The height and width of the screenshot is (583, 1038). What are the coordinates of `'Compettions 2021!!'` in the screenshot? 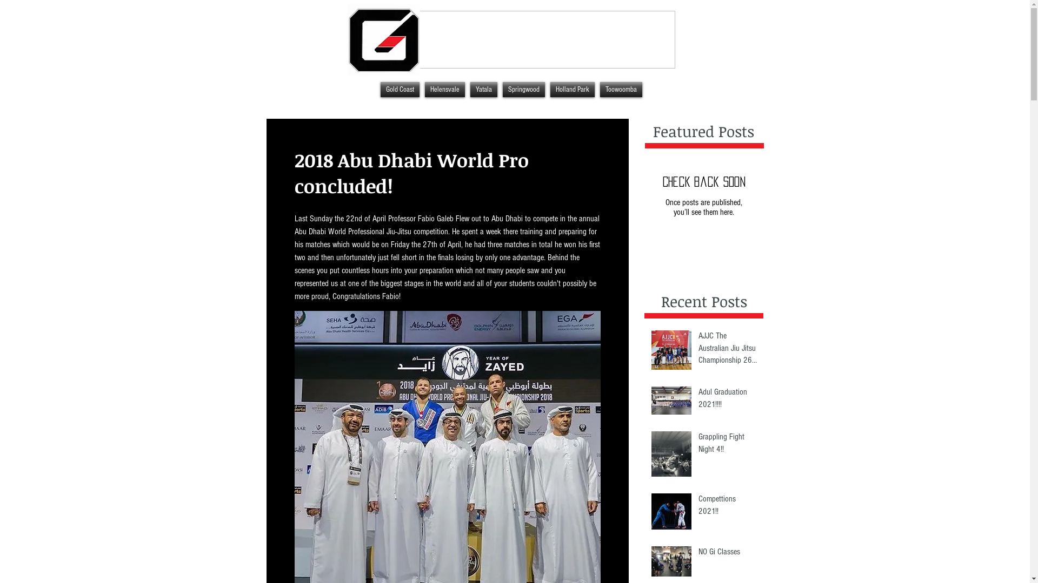 It's located at (727, 507).